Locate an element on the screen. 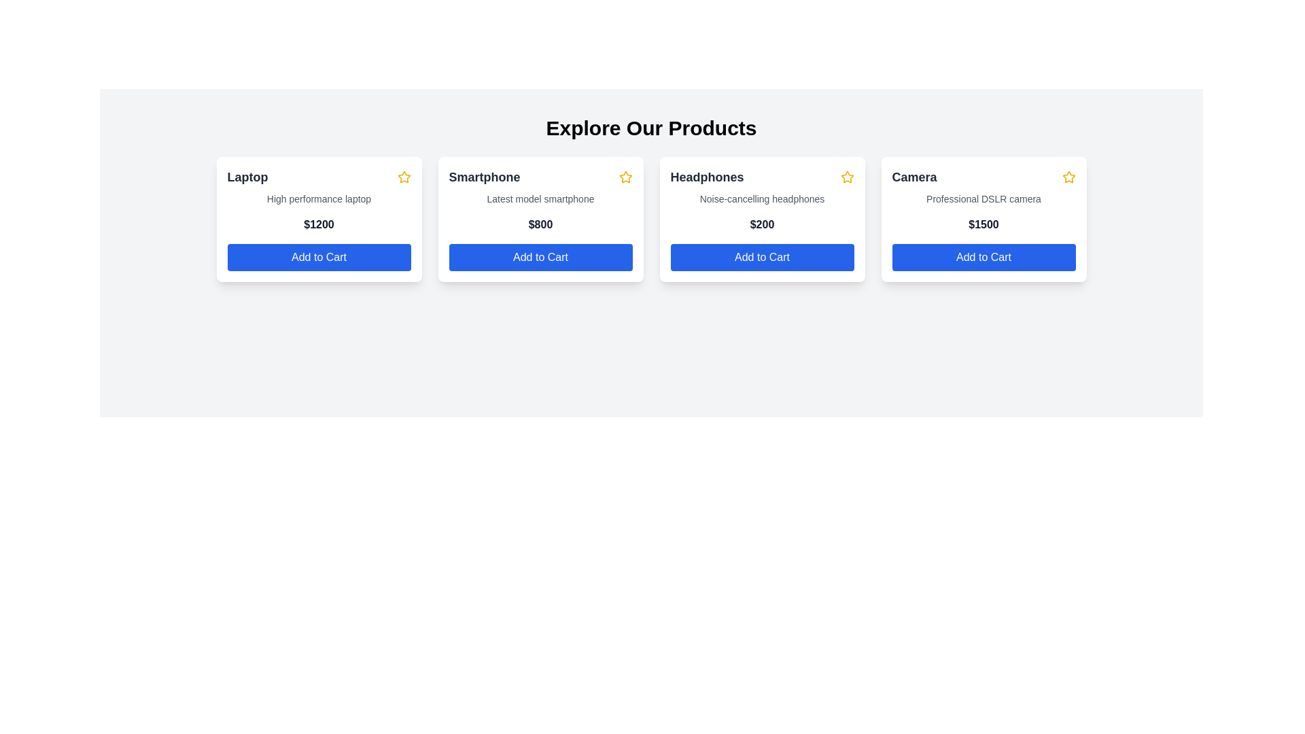 Image resolution: width=1305 pixels, height=734 pixels. the static text display that indicates the price of the 'Smartphone' product, which is located below the description text and above the 'Add to Cart' button is located at coordinates (540, 224).